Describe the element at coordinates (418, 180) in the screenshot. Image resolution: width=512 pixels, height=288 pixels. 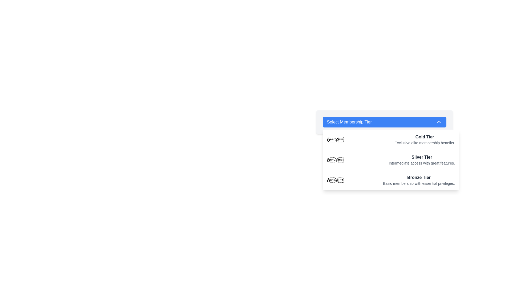
I see `text label titled 'Bronze Tier' which describes the membership tier and its privileges, located in the vertically aligned list under 'Silver Tier'` at that location.